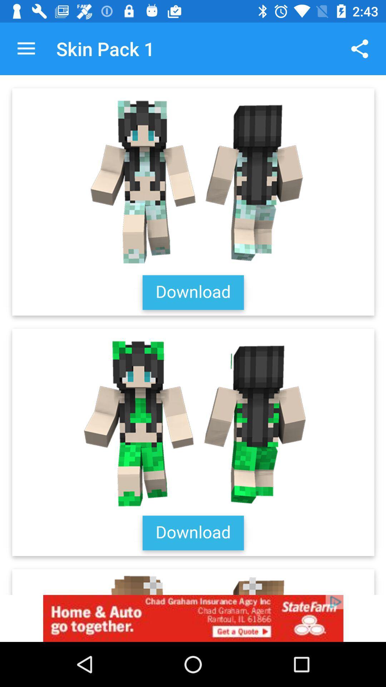  I want to click on advertisements to watch, so click(193, 618).